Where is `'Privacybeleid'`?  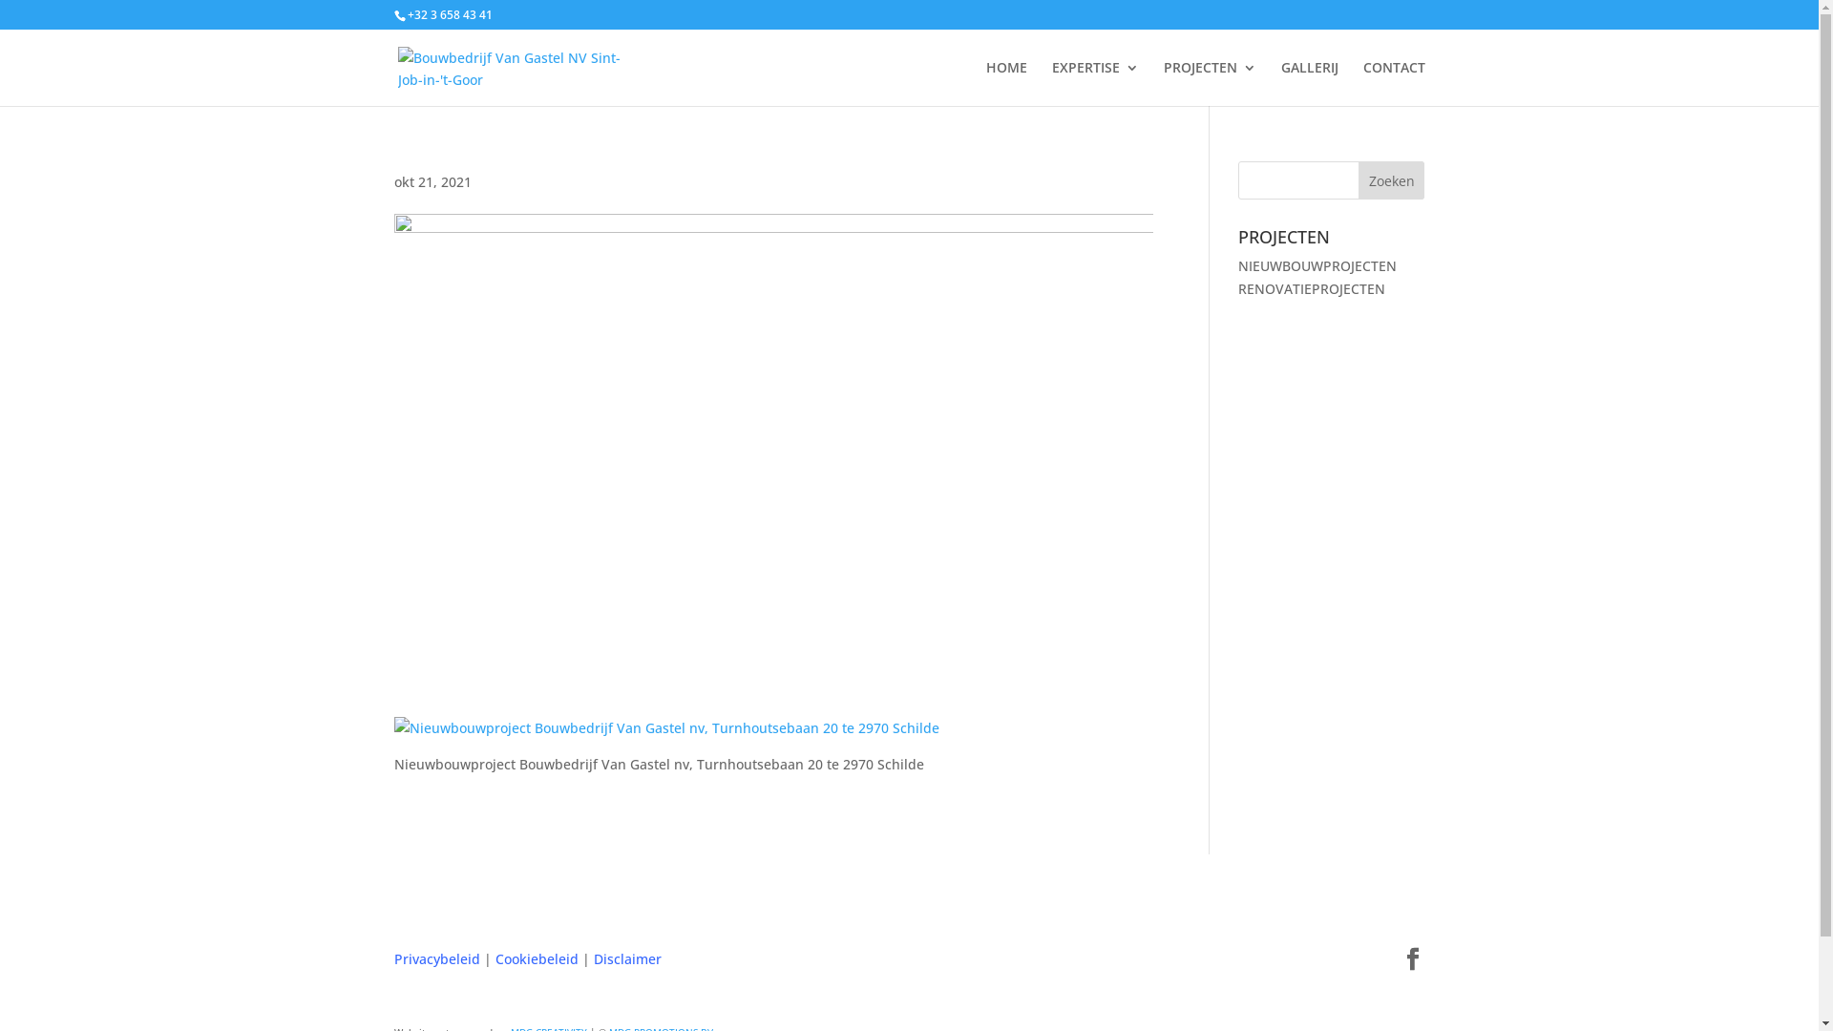 'Privacybeleid' is located at coordinates (434, 958).